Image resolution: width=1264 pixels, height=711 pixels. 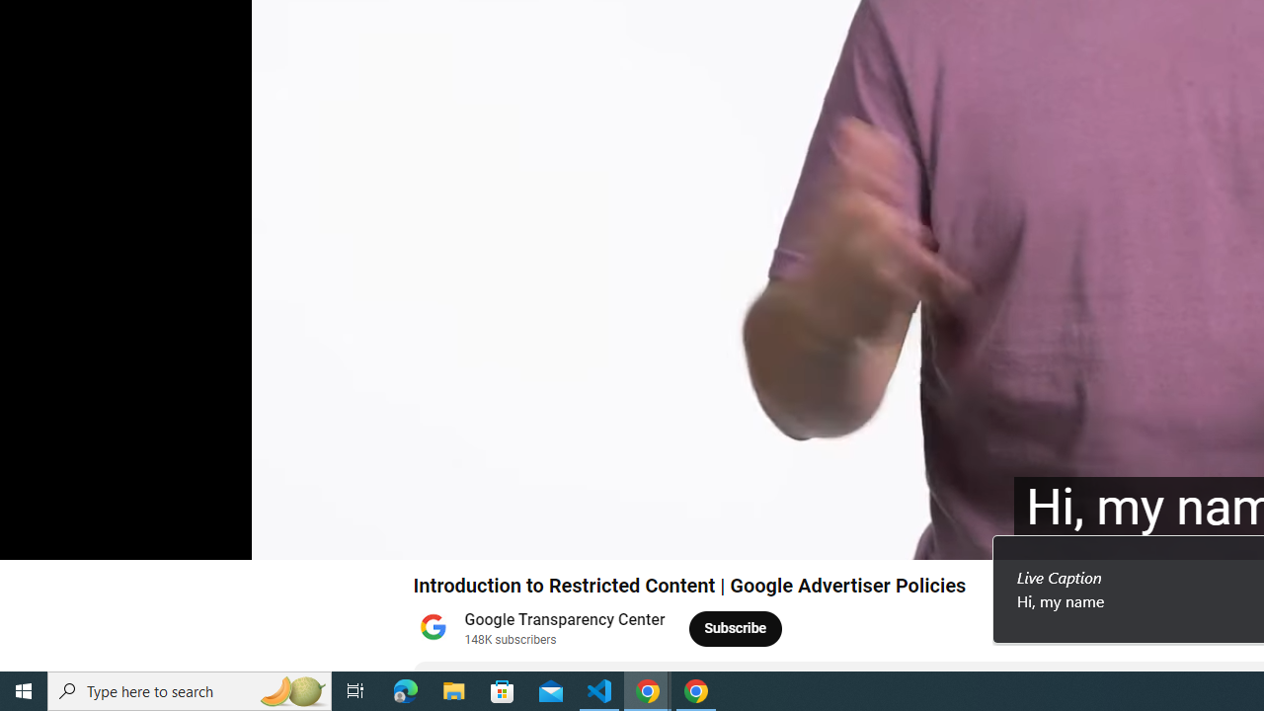 I want to click on 'Subscribe to Google Transparency Center.', so click(x=735, y=628).